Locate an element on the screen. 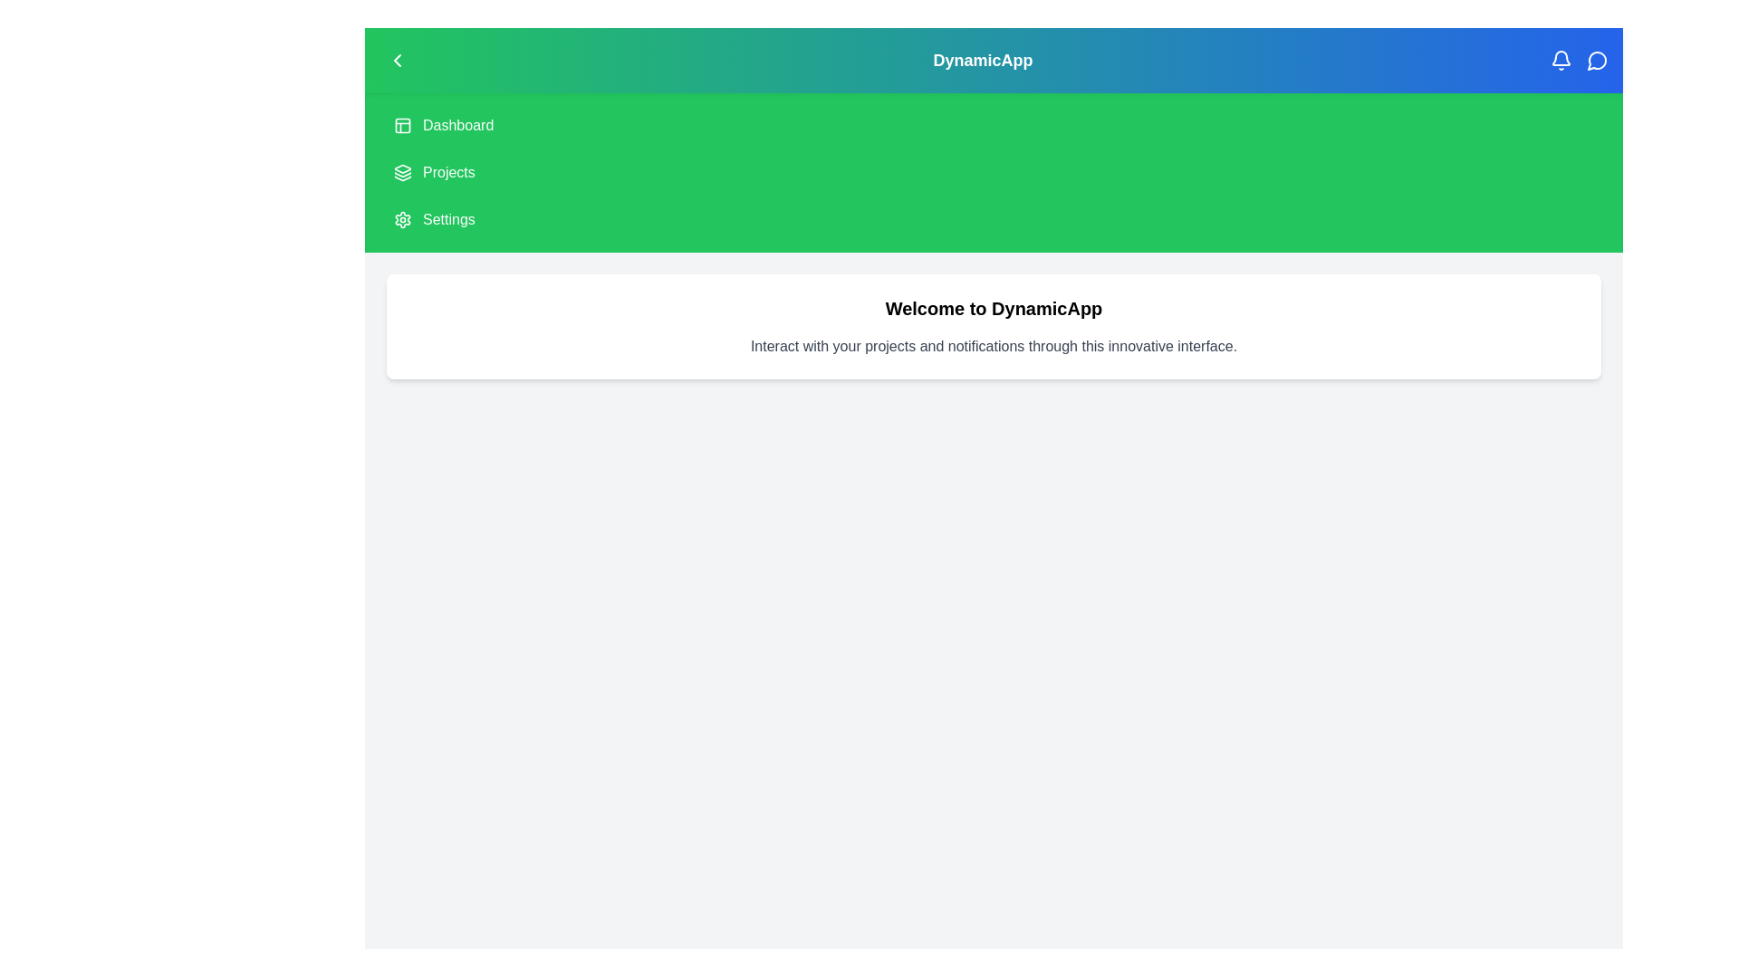 The image size is (1739, 978). the notification icon in the top-right corner is located at coordinates (1560, 59).